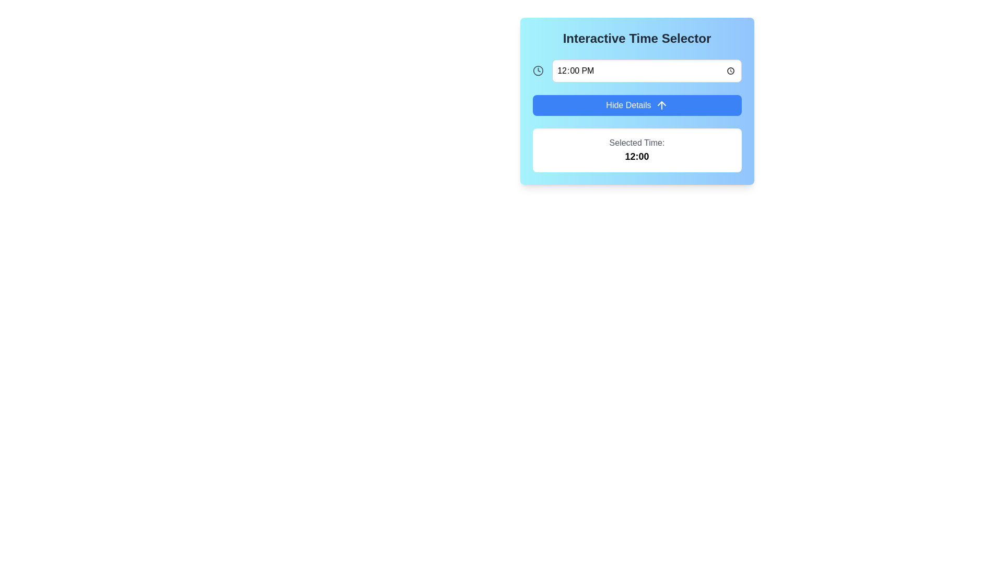 This screenshot has width=1003, height=564. I want to click on the outer circle of the clock icon in the time selector UI component, so click(538, 70).